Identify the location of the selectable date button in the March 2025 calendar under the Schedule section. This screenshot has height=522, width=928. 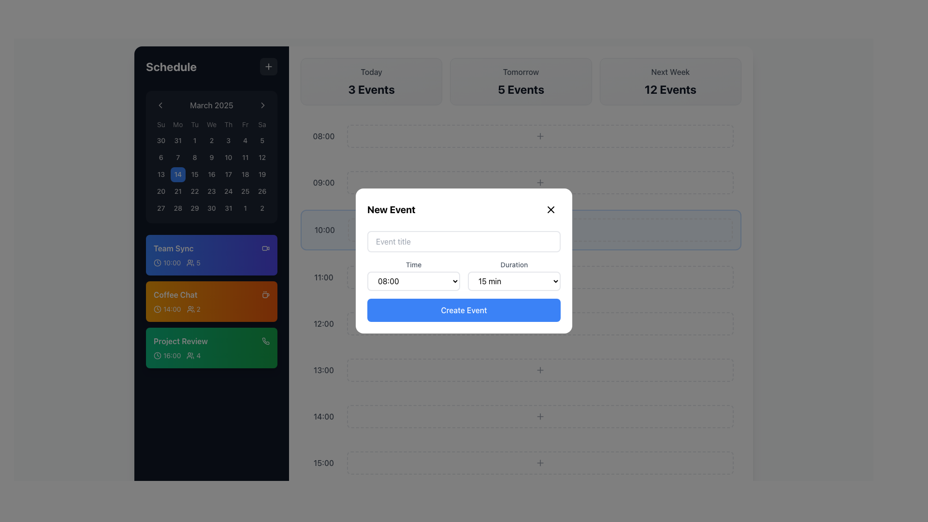
(211, 191).